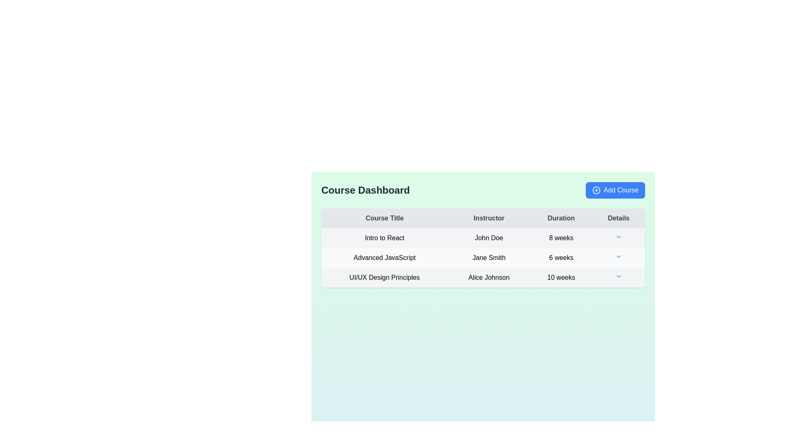  I want to click on text from the Text Label located in the header section, aligned to the left of the 'Add Course' button, so click(365, 190).